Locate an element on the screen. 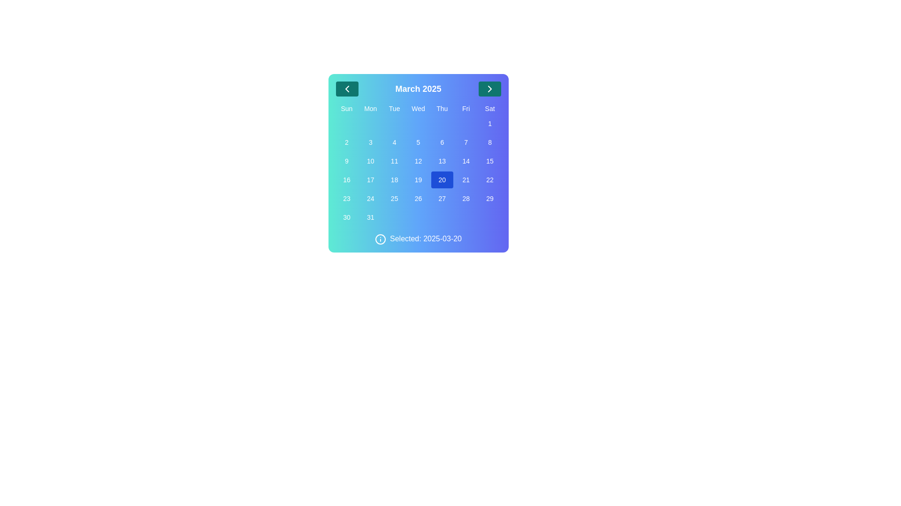 Image resolution: width=901 pixels, height=506 pixels. the selectable day '4' button in the calendar interface is located at coordinates (394, 142).